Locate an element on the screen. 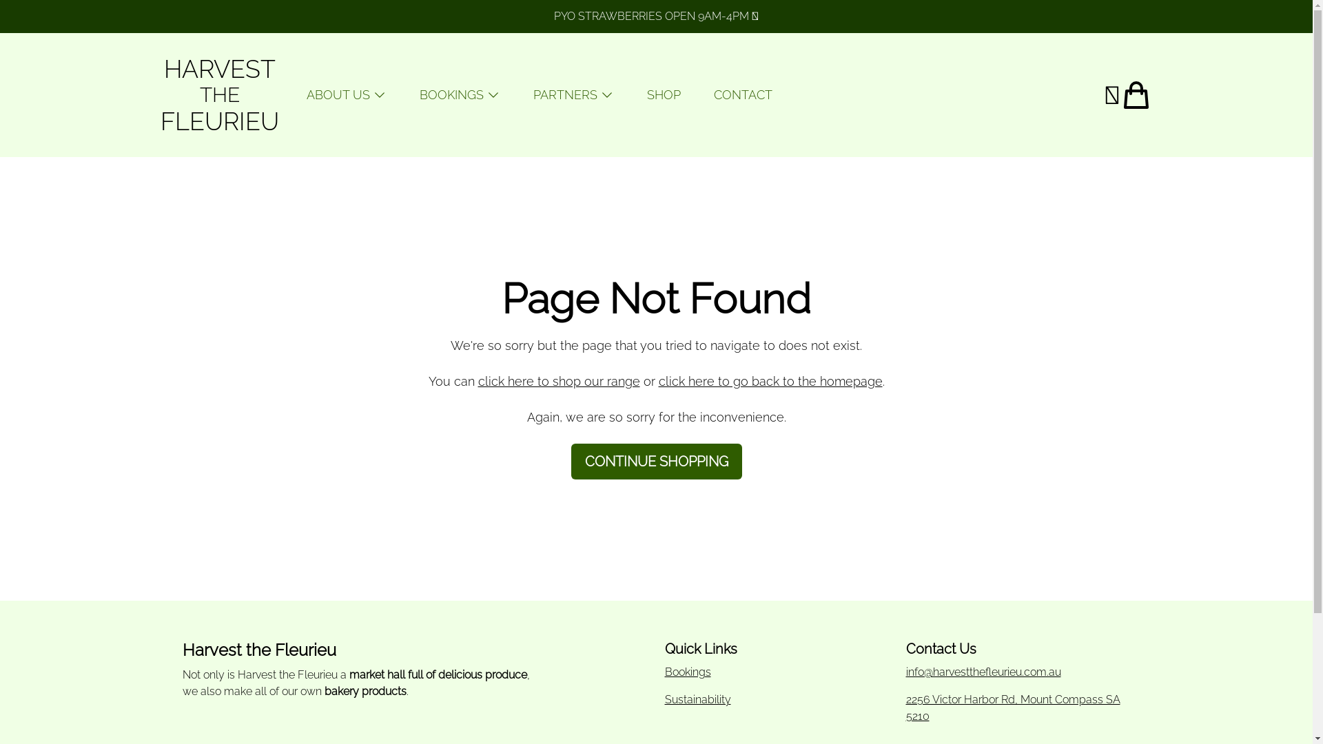  'click here to go back to the homepage' is located at coordinates (770, 381).